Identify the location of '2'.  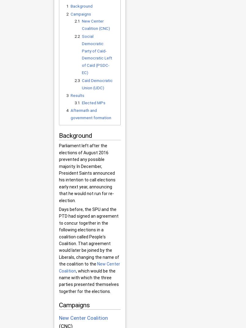
(66, 13).